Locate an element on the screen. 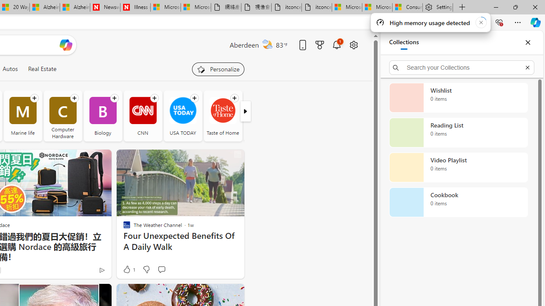 This screenshot has height=306, width=545. 'Computer Hardware' is located at coordinates (62, 116).